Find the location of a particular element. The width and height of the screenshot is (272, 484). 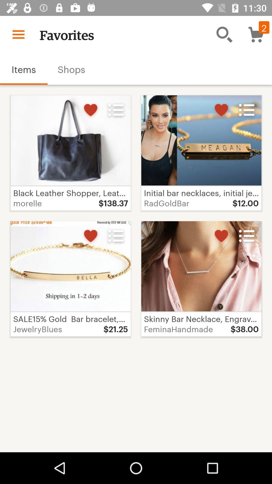

item to the left of favorites is located at coordinates (18, 34).